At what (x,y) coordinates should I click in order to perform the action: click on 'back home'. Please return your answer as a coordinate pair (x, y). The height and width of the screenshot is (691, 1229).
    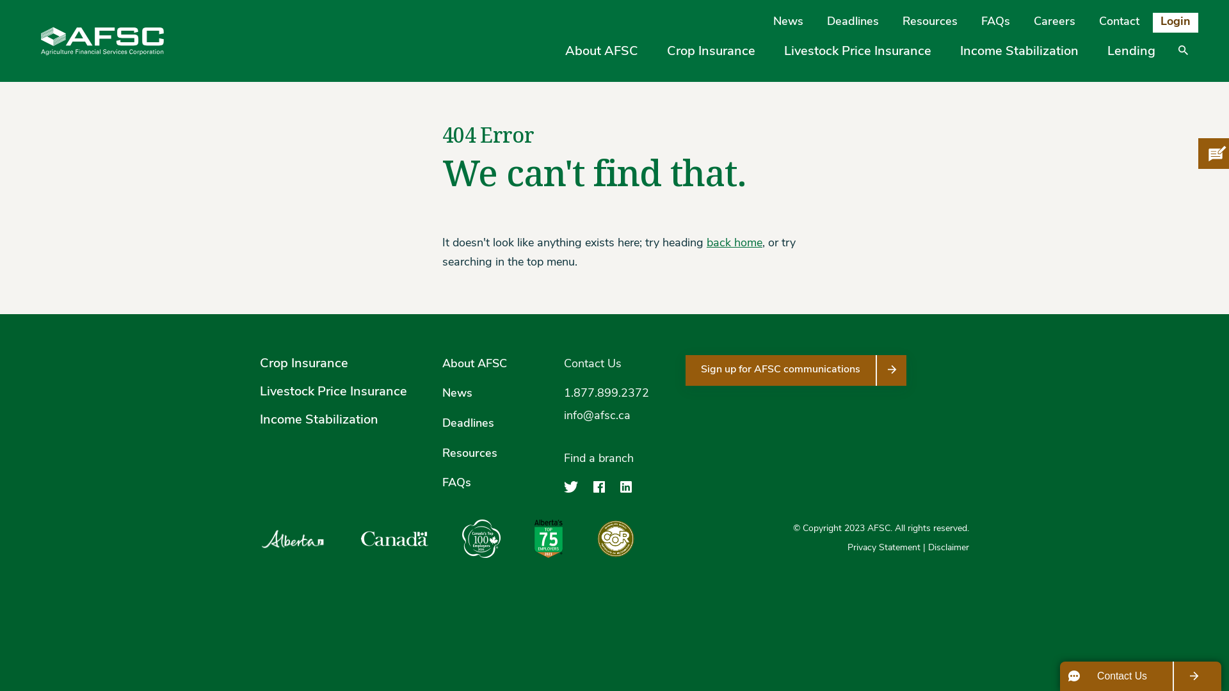
    Looking at the image, I should click on (734, 243).